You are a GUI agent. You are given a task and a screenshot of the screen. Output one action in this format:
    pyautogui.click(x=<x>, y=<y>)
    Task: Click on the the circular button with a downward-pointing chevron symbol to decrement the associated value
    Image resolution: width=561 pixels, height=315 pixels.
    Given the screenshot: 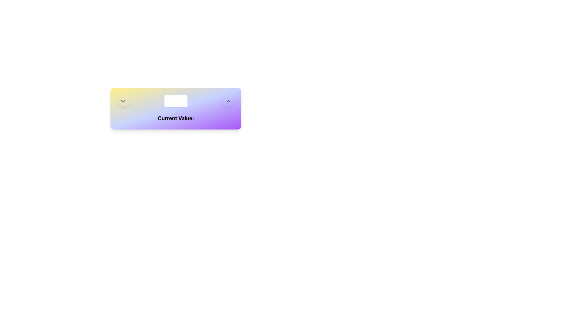 What is the action you would take?
    pyautogui.click(x=123, y=101)
    